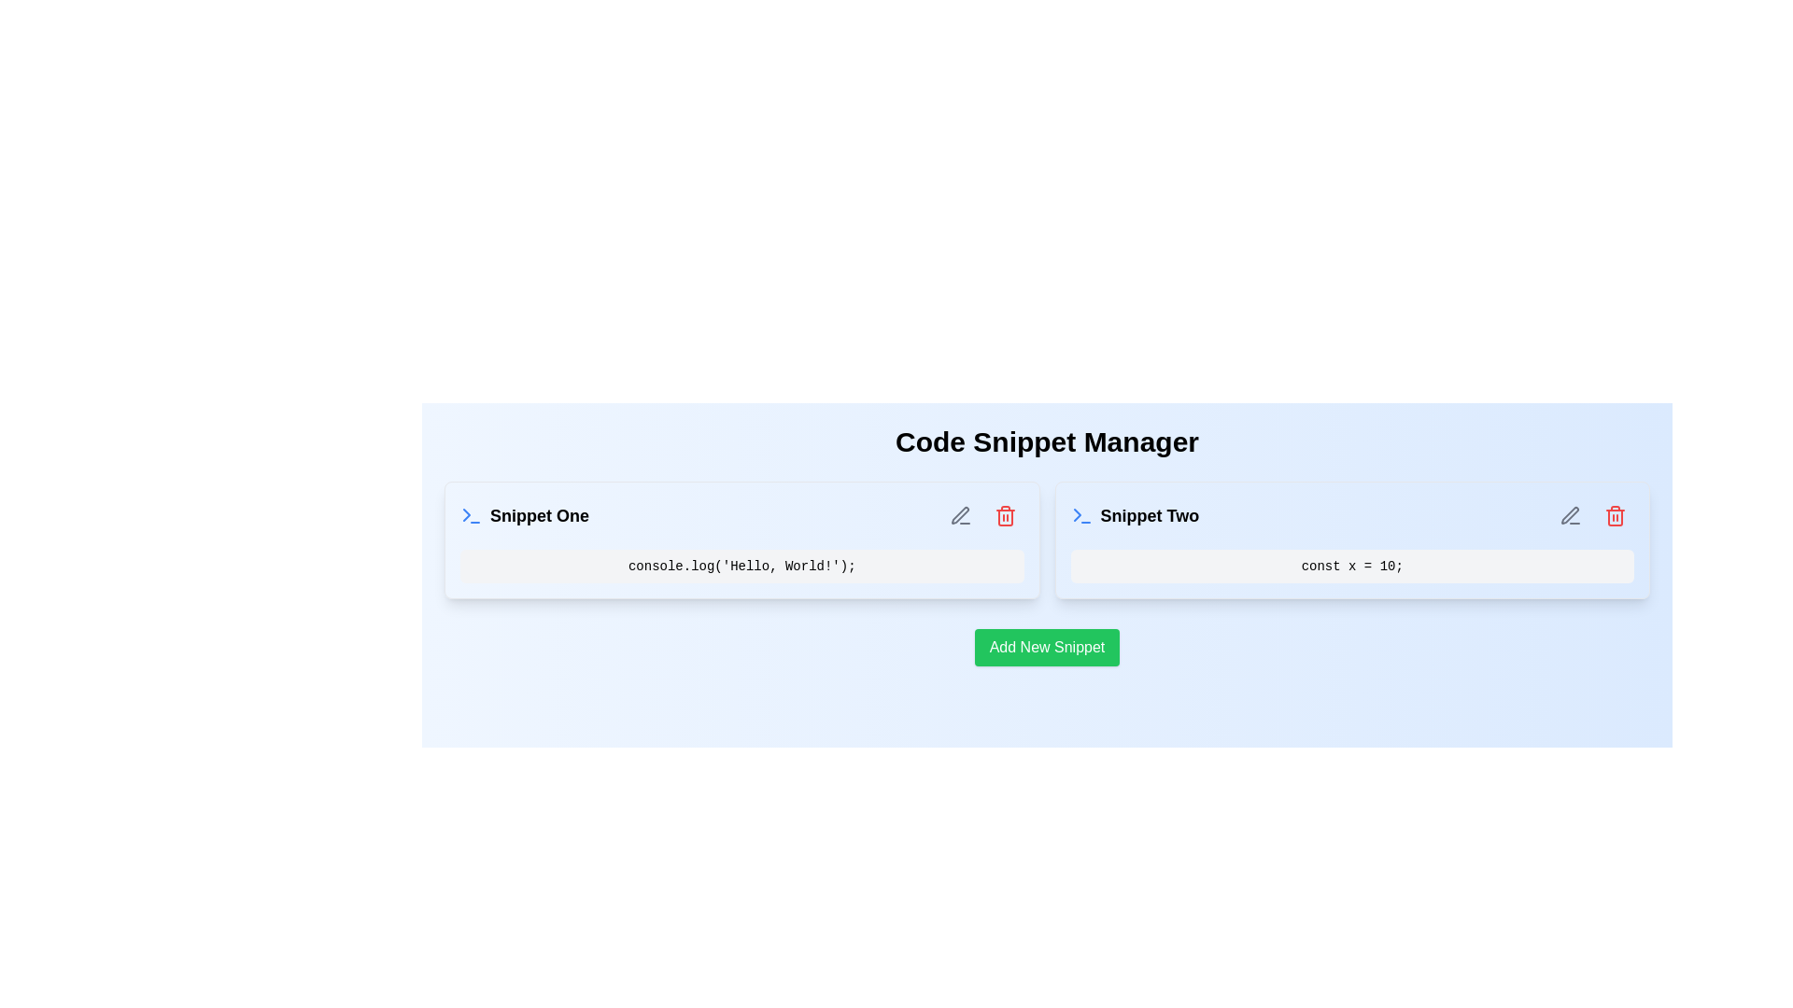 The width and height of the screenshot is (1793, 1008). Describe the element at coordinates (471, 515) in the screenshot. I see `the blue stroke command line terminal icon located to the left of the 'Snippet One' label in the title bar` at that location.